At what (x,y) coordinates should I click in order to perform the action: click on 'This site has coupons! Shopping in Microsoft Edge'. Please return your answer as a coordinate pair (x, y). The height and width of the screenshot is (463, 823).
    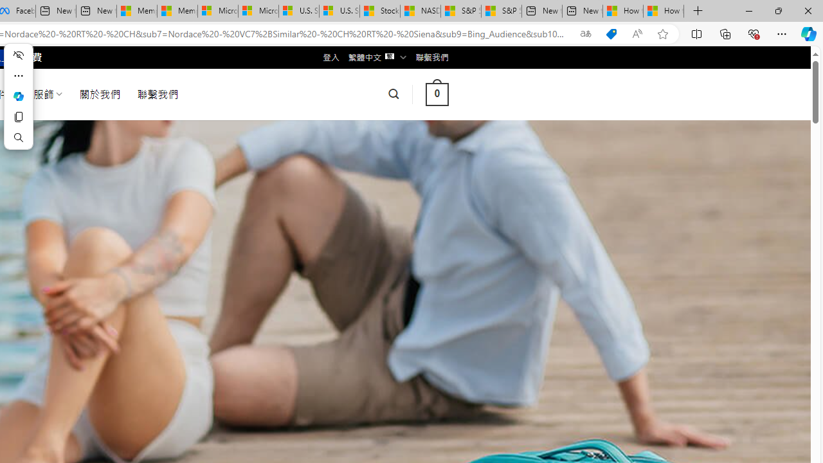
    Looking at the image, I should click on (611, 33).